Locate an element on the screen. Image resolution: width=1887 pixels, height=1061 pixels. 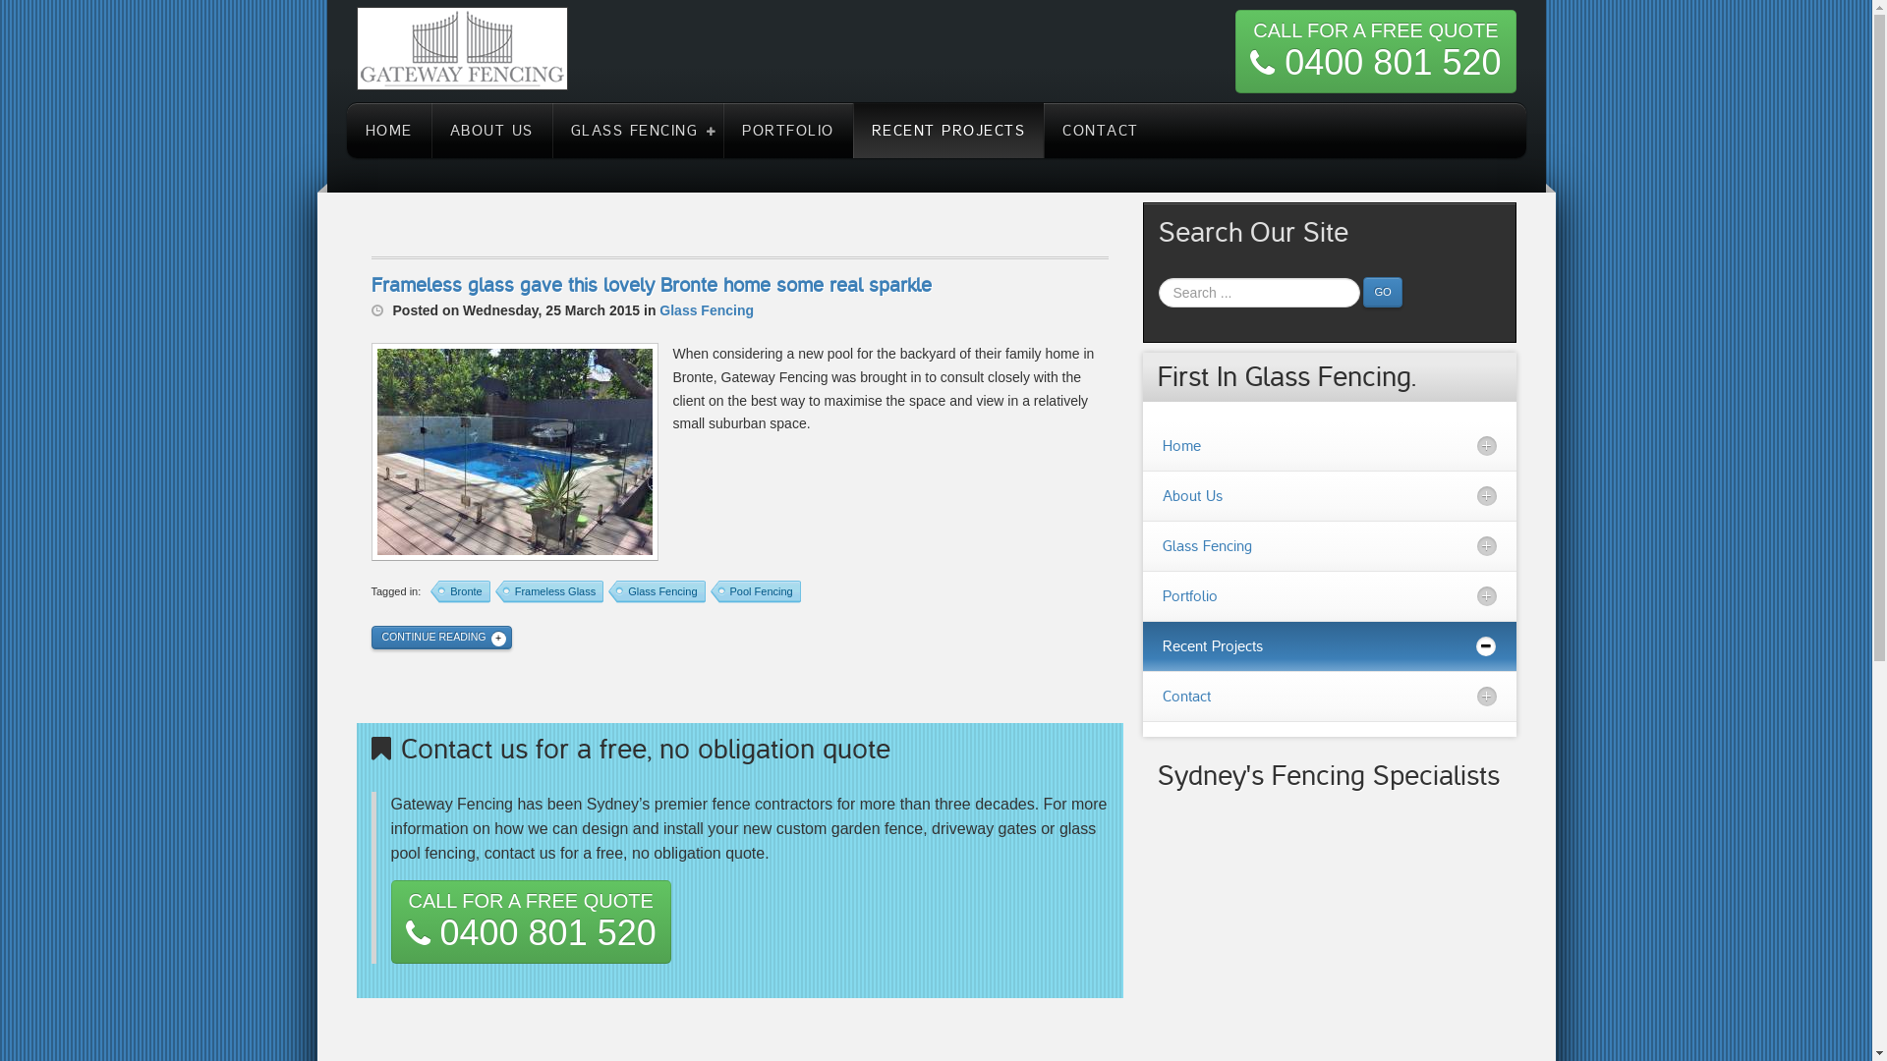
'Pool Fencing' is located at coordinates (754, 590).